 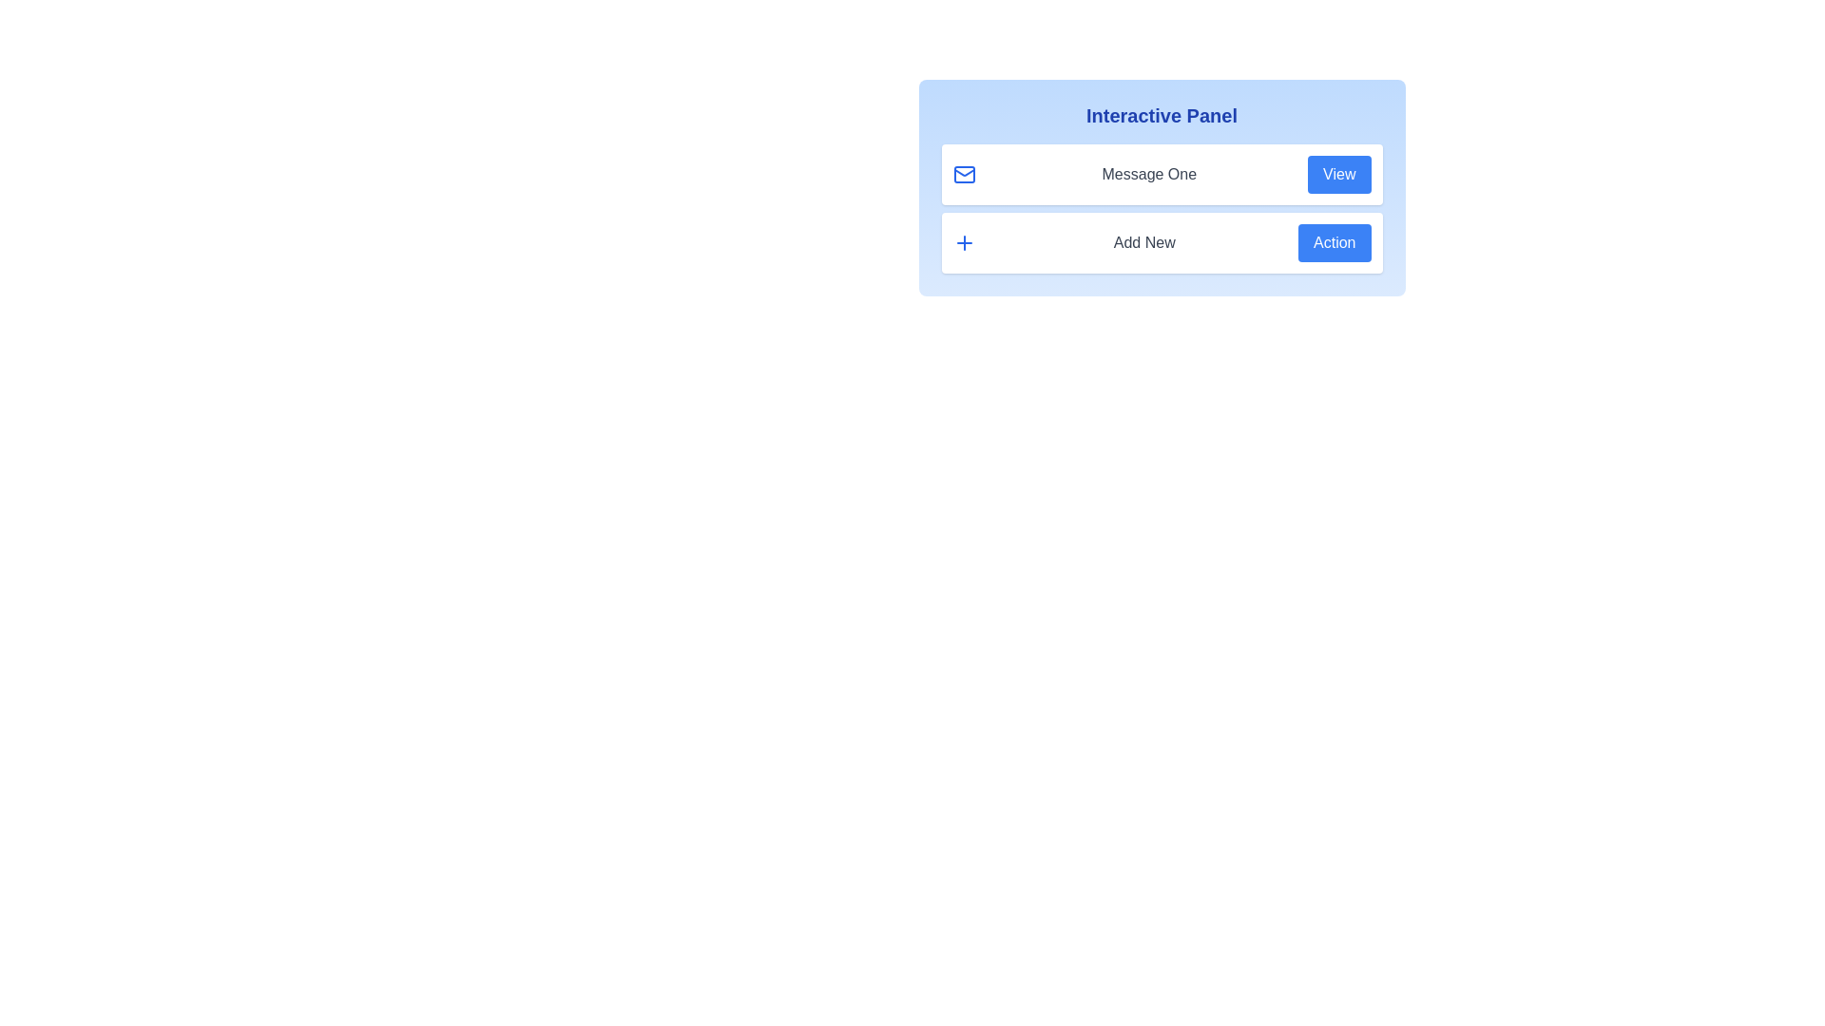 I want to click on the text 'Message One' to select it, so click(x=1148, y=175).